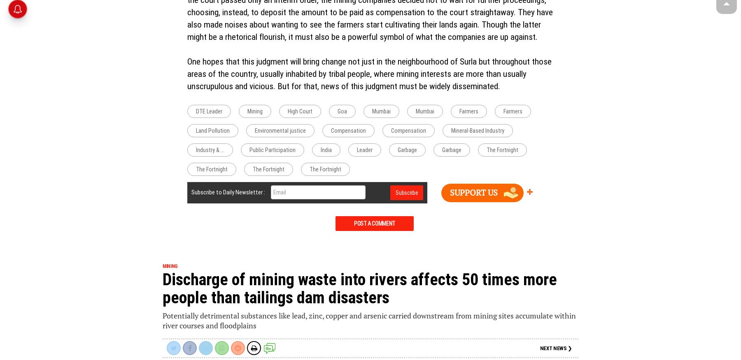 Image resolution: width=741 pixels, height=360 pixels. Describe the element at coordinates (280, 130) in the screenshot. I see `'Environmental justice'` at that location.